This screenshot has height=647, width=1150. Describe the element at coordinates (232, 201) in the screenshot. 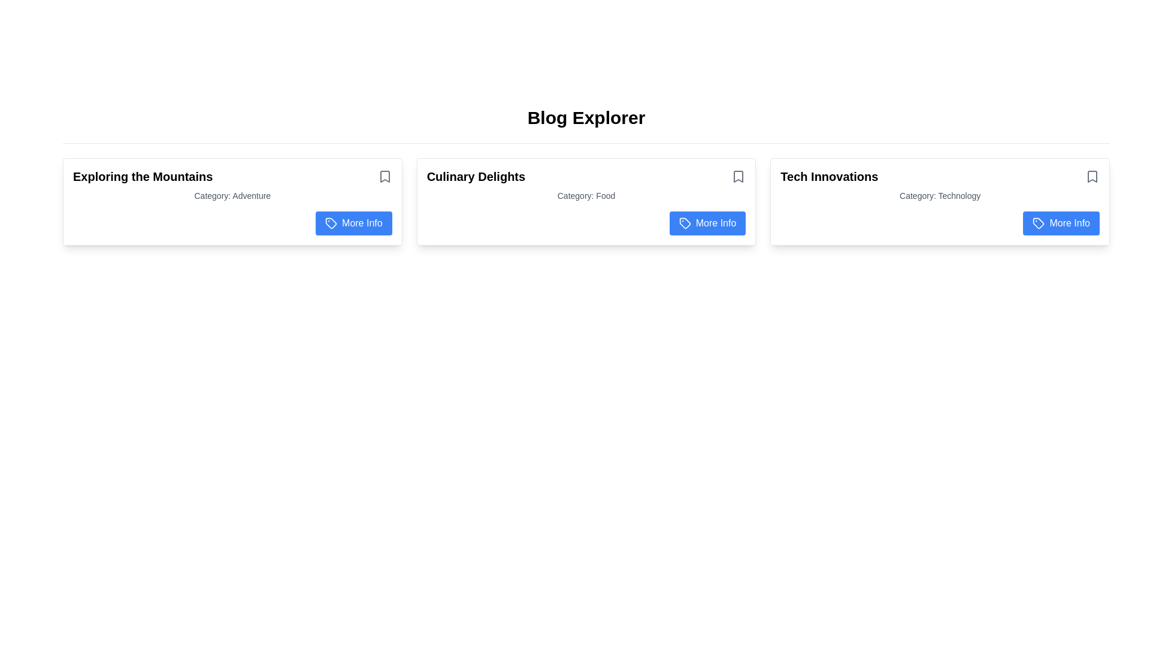

I see `the first adventure-themed card in the leftmost column of the grid` at that location.